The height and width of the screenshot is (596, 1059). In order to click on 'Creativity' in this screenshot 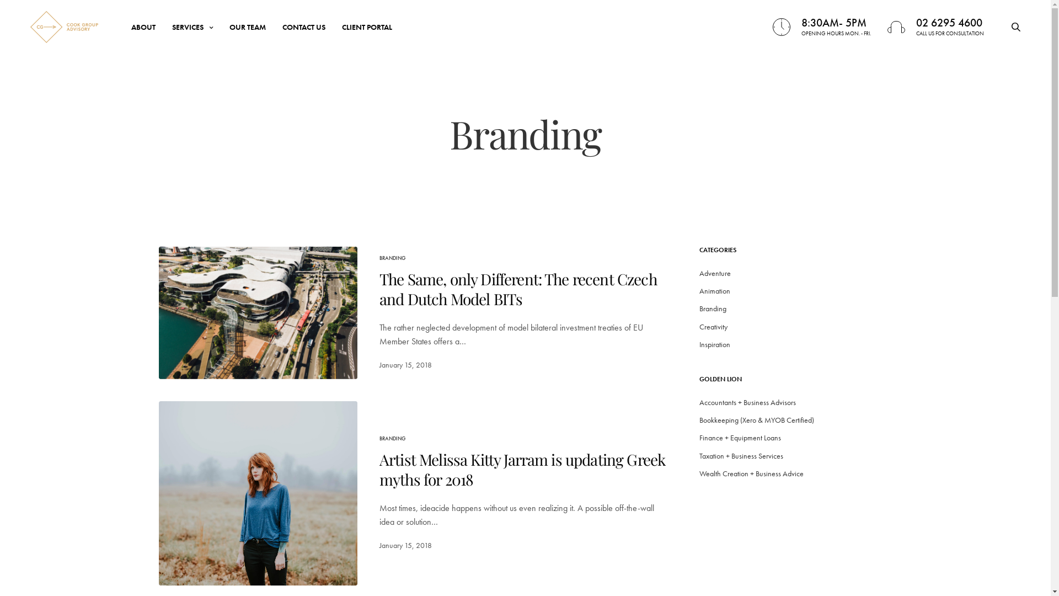, I will do `click(713, 326)`.